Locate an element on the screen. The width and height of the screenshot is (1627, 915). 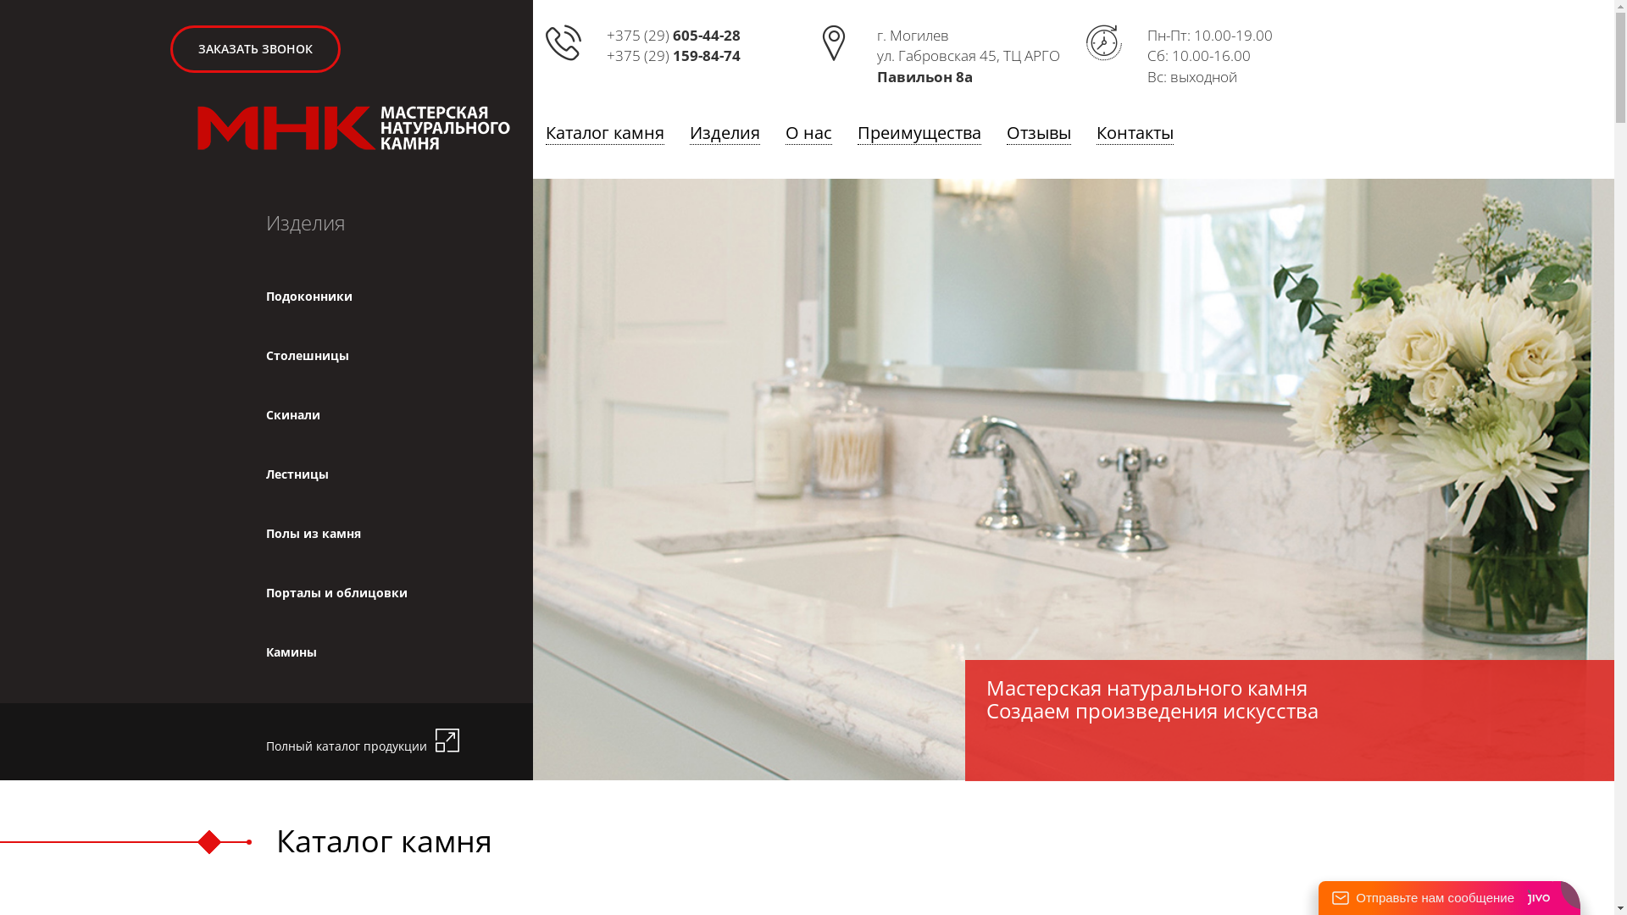
'+375 (29) 605-44-28' is located at coordinates (673, 35).